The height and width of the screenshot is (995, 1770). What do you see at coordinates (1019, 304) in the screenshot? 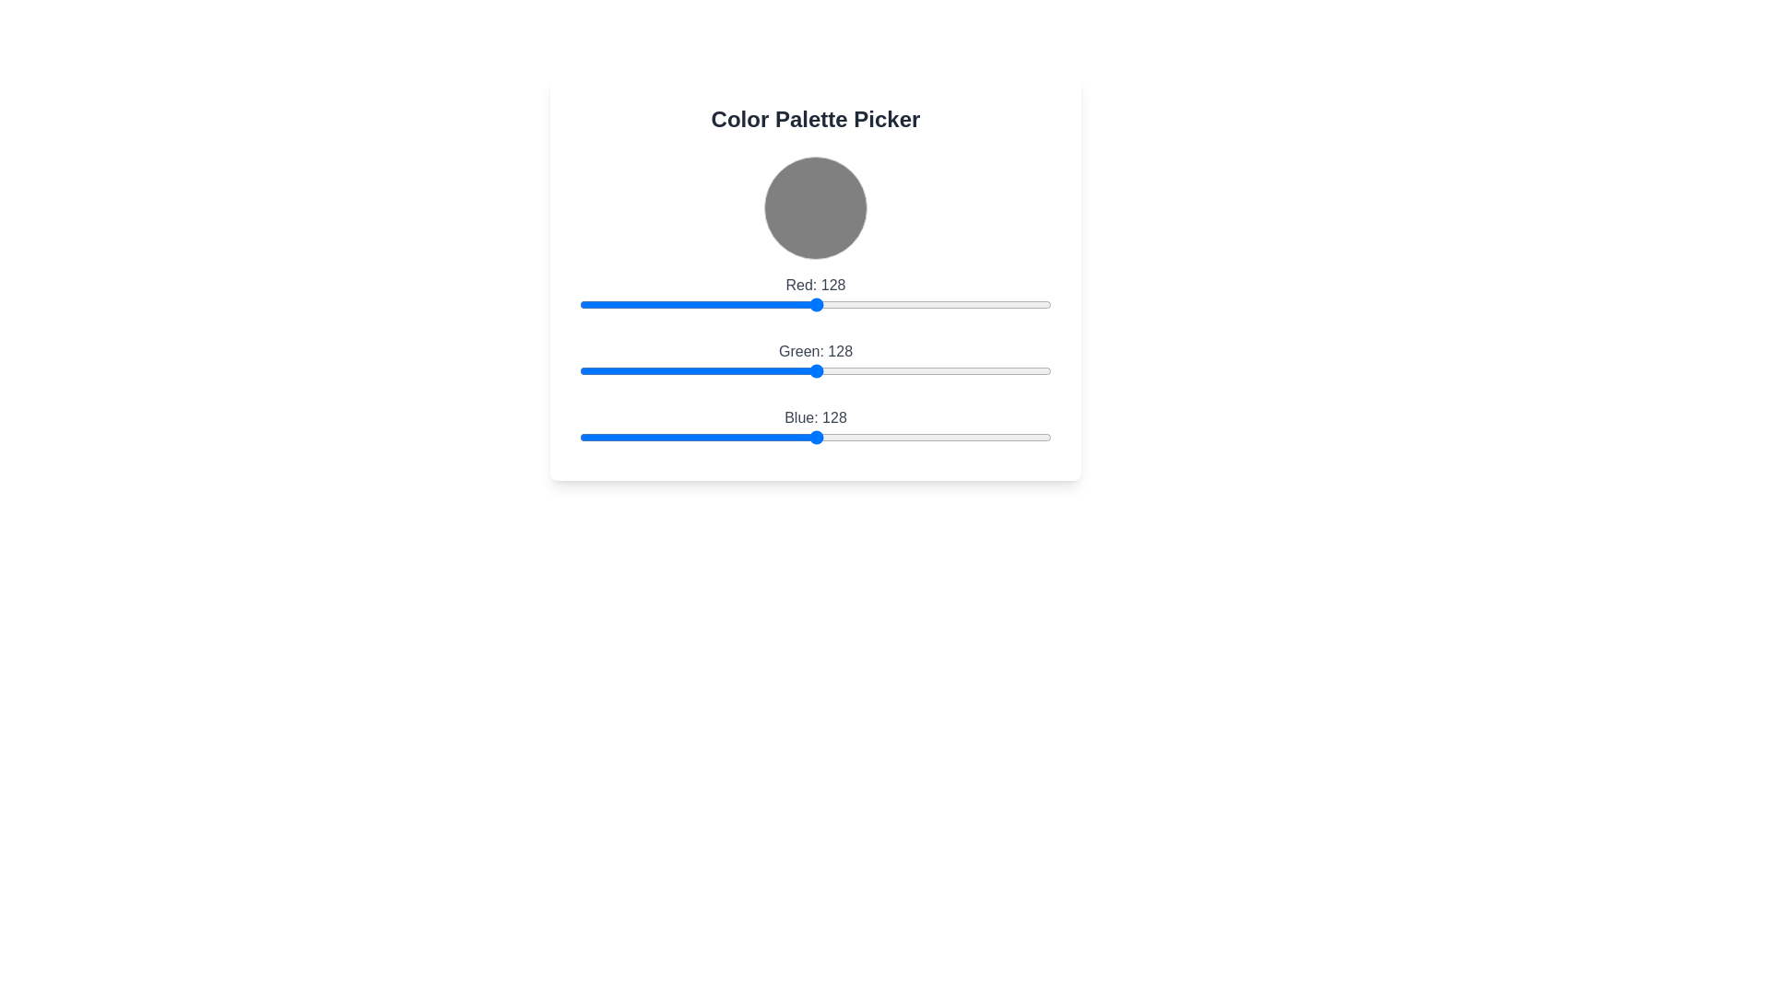
I see `the 'Red' color component` at bounding box center [1019, 304].